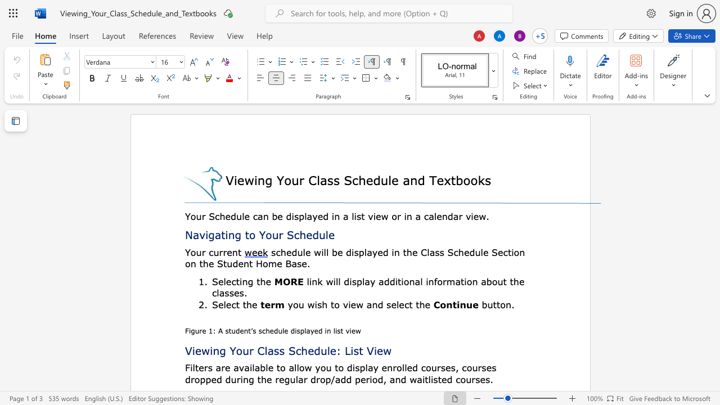 This screenshot has height=405, width=720. Describe the element at coordinates (324, 234) in the screenshot. I see `the space between the continuous character "u" and "l" in the text` at that location.